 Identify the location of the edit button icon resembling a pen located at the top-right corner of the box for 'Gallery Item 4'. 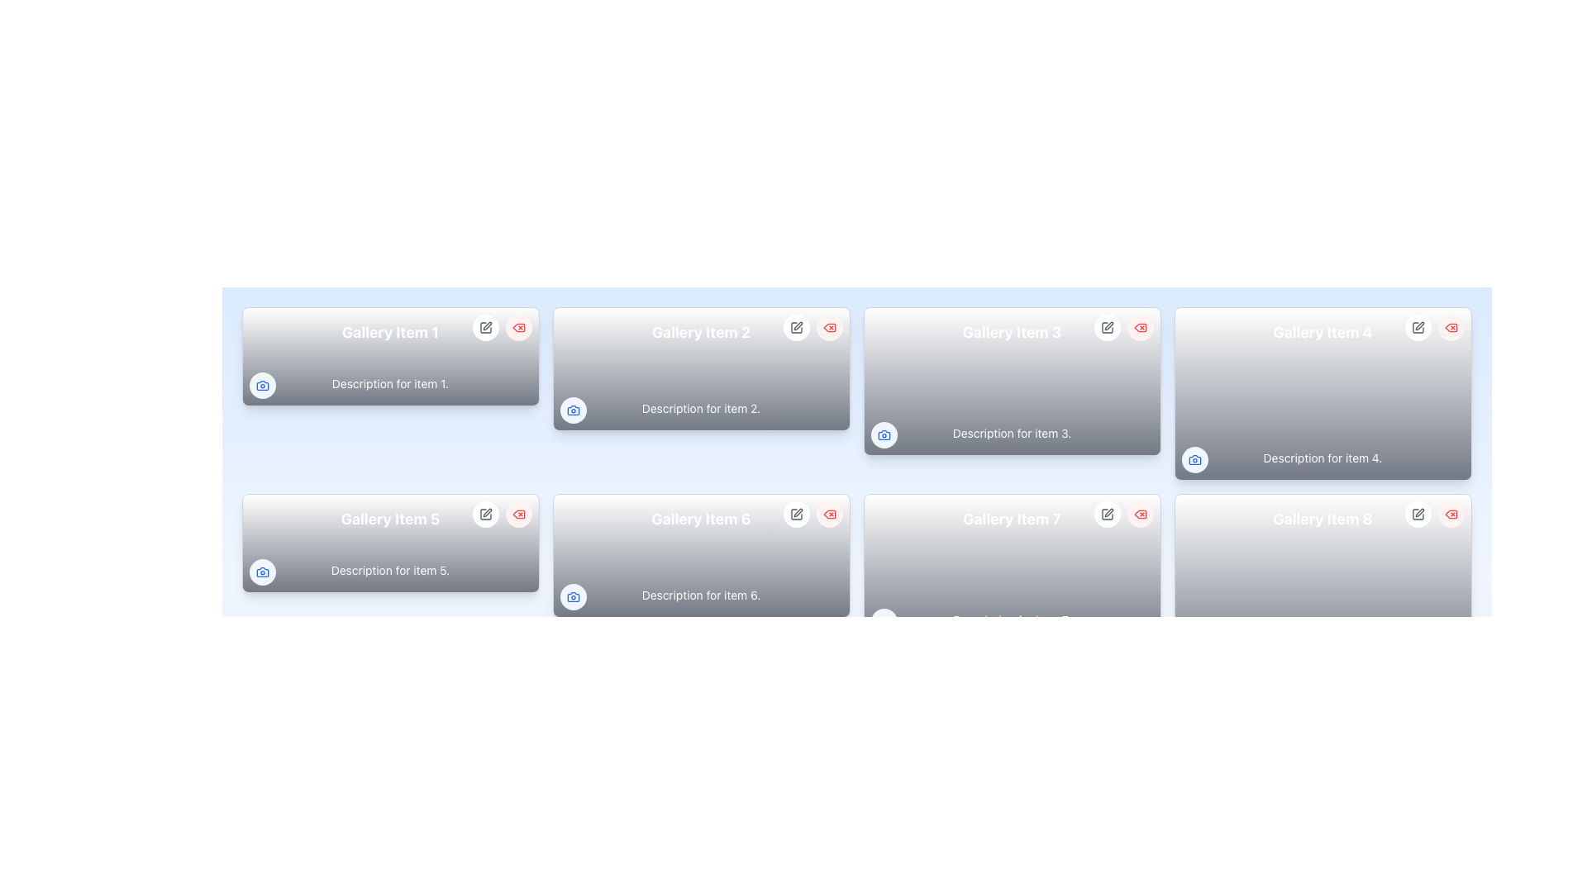
(1417, 328).